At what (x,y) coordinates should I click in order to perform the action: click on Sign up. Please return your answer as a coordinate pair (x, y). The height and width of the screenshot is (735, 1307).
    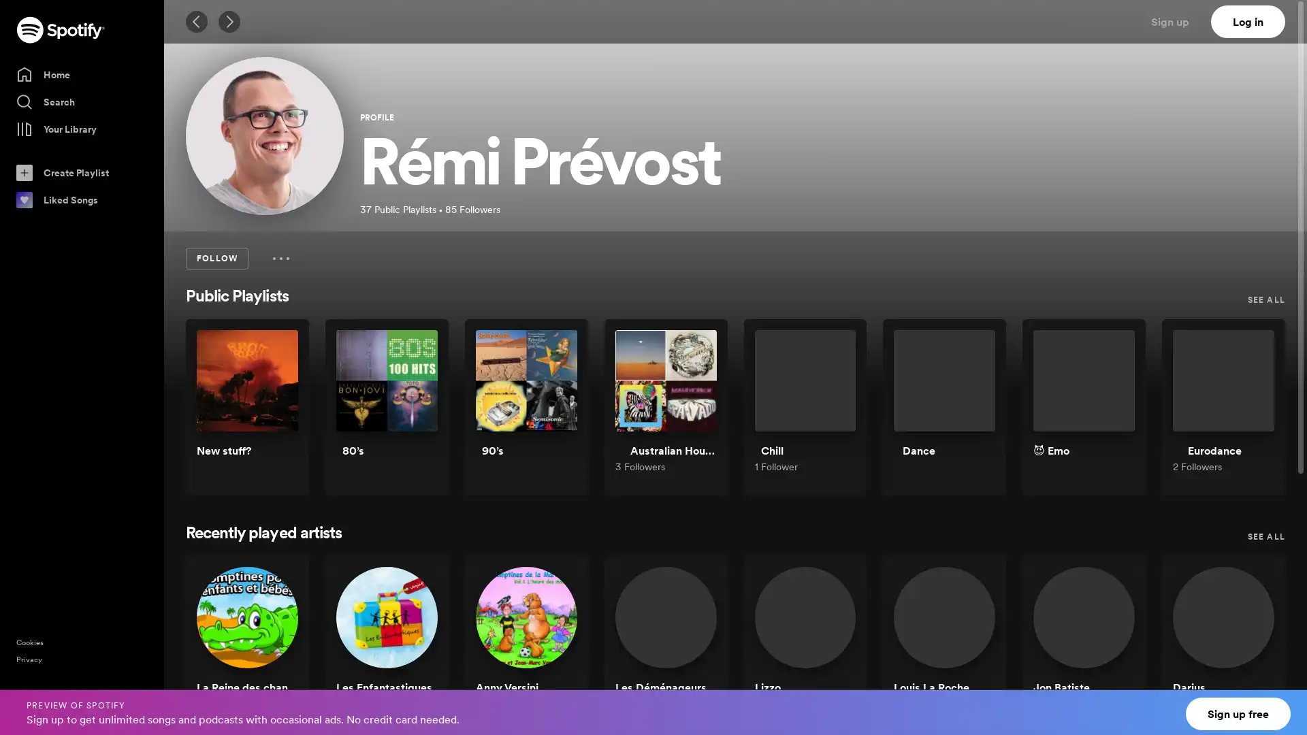
    Looking at the image, I should click on (1178, 21).